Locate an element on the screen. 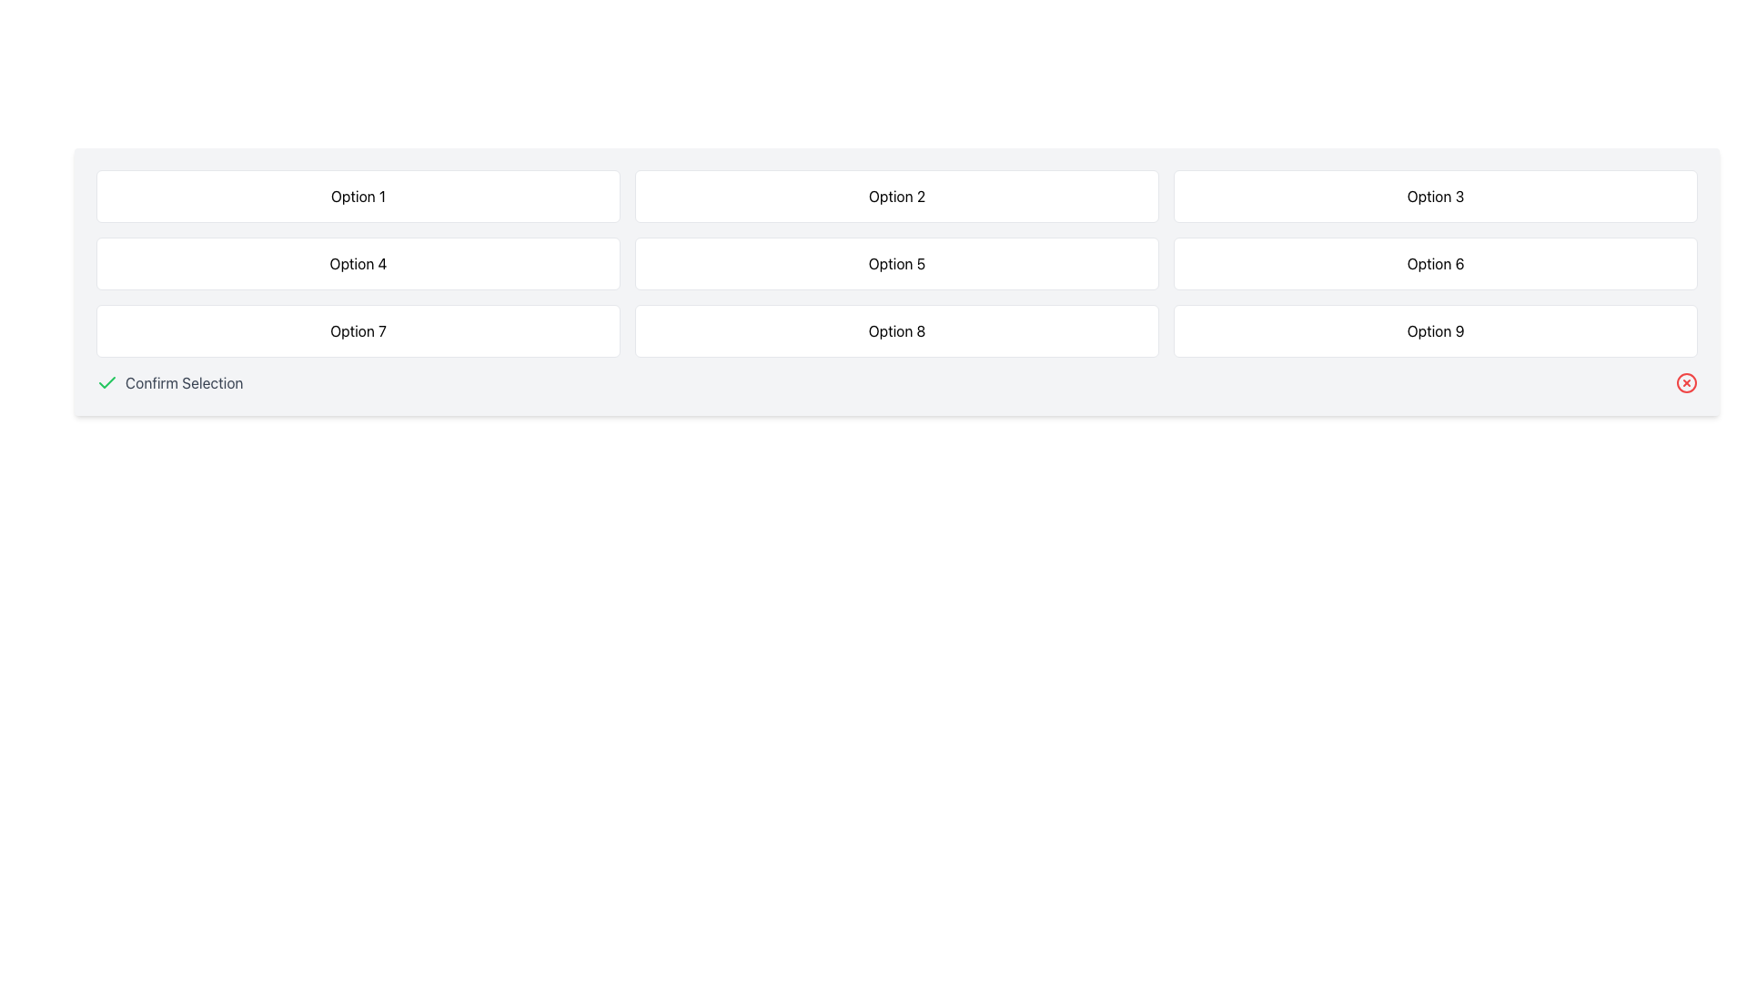  the checkmark icon indicating confirmation for the 'Confirm Selection' functionality is located at coordinates (106, 381).